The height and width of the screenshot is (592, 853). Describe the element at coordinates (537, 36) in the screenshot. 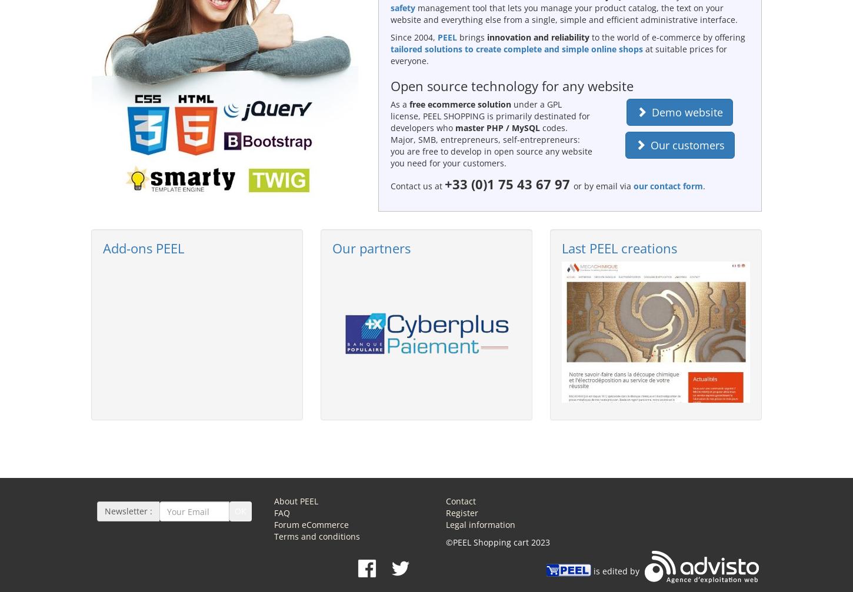

I see `'innovation and reliability'` at that location.